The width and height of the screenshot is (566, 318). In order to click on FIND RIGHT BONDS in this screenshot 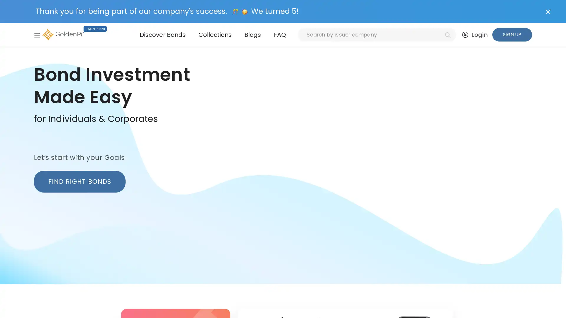, I will do `click(79, 181)`.